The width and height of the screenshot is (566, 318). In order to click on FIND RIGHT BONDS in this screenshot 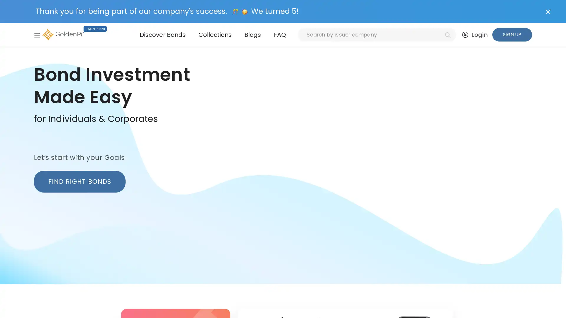, I will do `click(79, 181)`.